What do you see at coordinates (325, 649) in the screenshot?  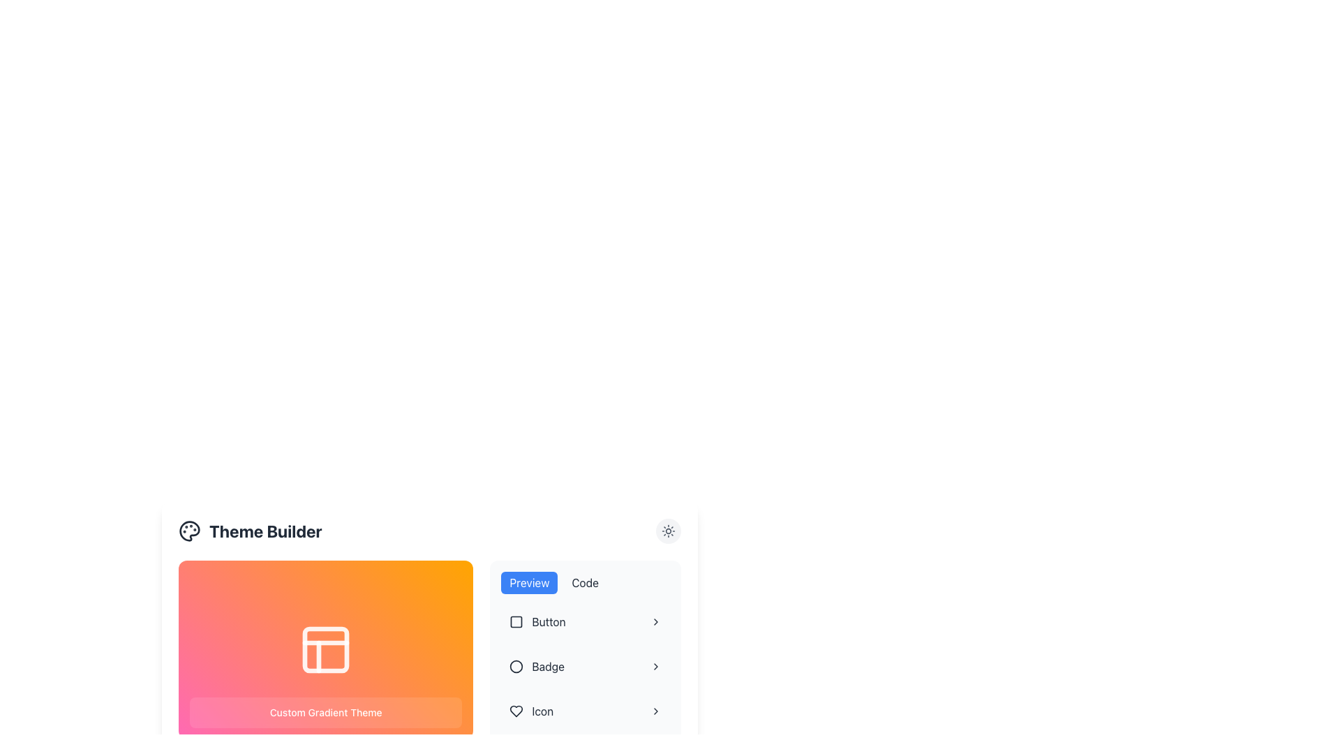 I see `the layout grid section icon, which features a white outline of a square with internal dividing lines on a pink to orange gradient background` at bounding box center [325, 649].